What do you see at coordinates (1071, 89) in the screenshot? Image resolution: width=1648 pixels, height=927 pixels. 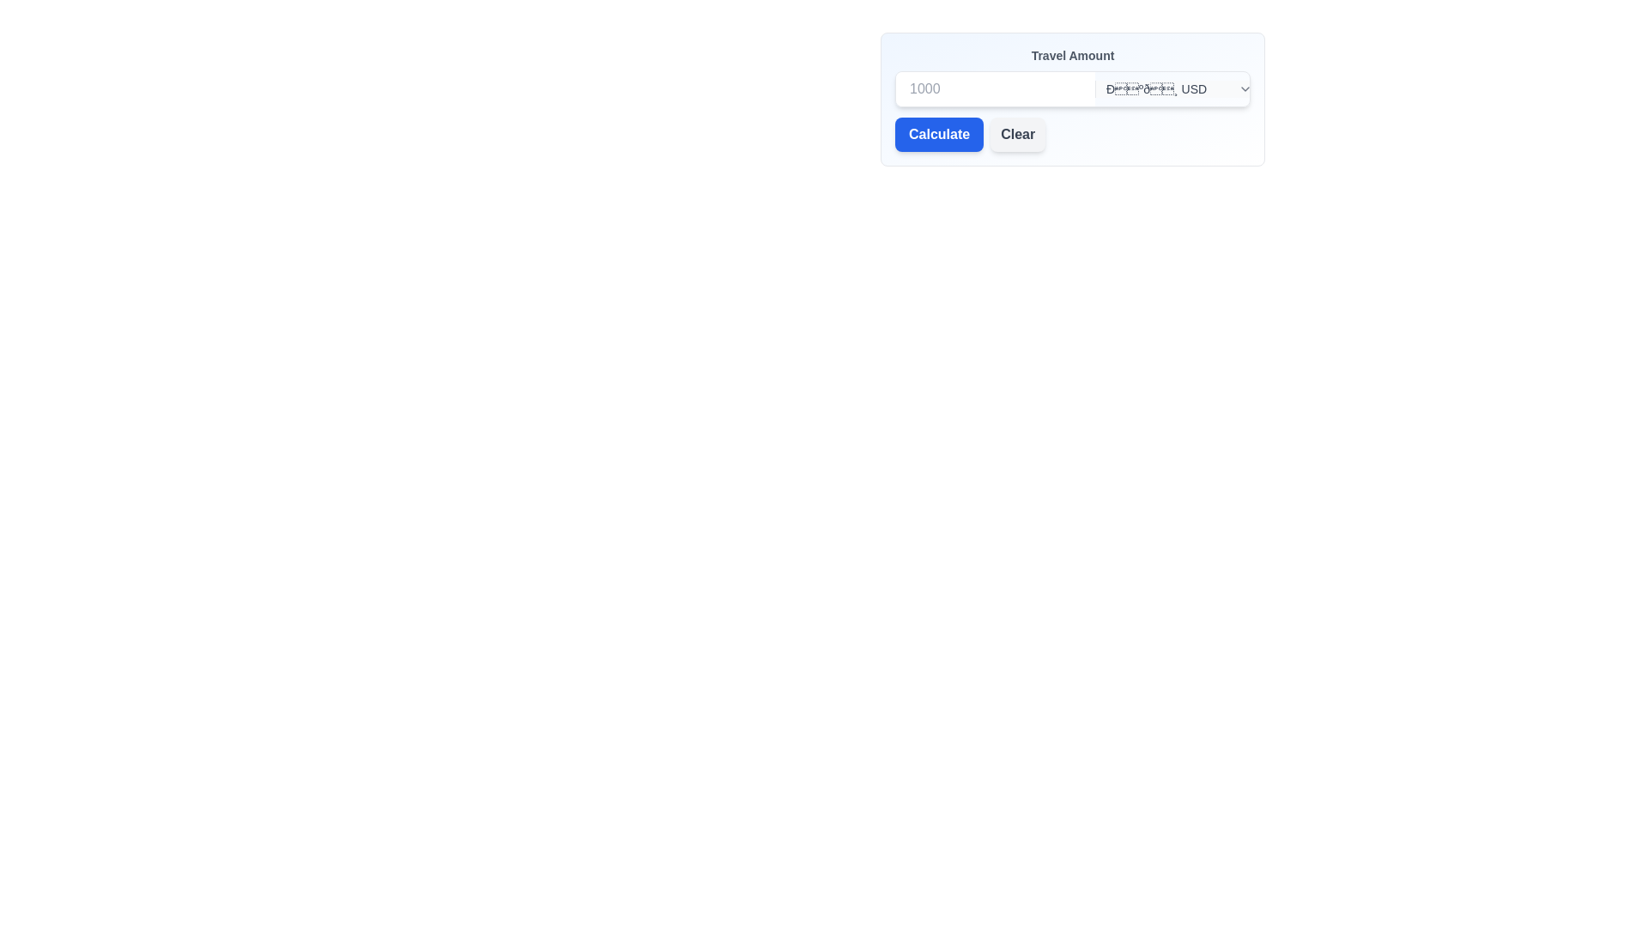 I see `a currency from the dropdown menu located below the 'Travel Amount' label, which is part of a composite component containing a text input field and dropdown menu` at bounding box center [1071, 89].